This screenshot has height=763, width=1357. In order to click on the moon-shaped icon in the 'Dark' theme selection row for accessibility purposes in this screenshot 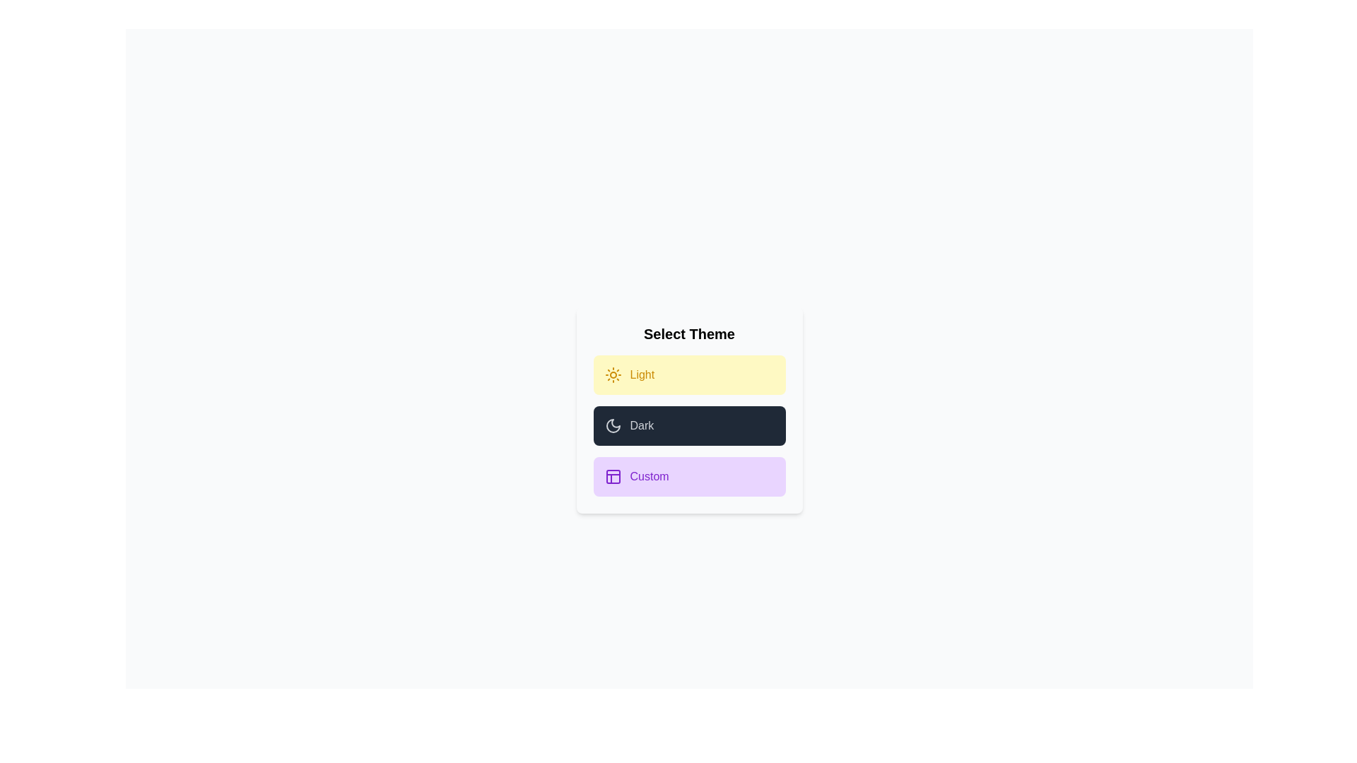, I will do `click(613, 425)`.